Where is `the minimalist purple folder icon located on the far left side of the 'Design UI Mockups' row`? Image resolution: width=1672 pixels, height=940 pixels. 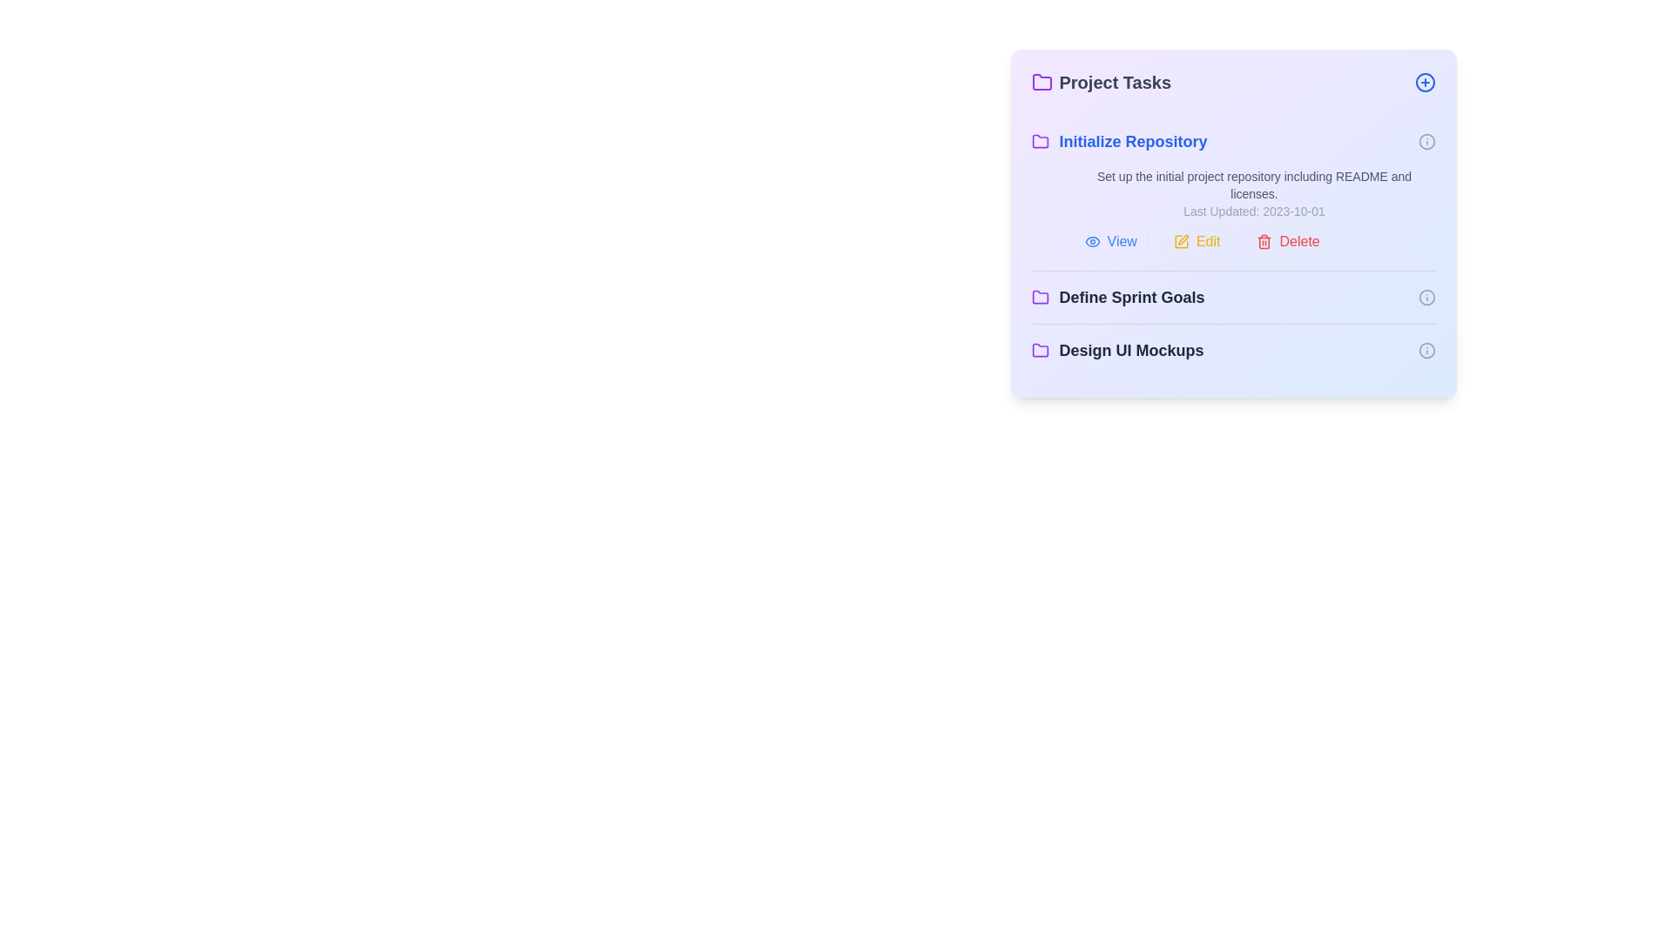 the minimalist purple folder icon located on the far left side of the 'Design UI Mockups' row is located at coordinates (1040, 350).